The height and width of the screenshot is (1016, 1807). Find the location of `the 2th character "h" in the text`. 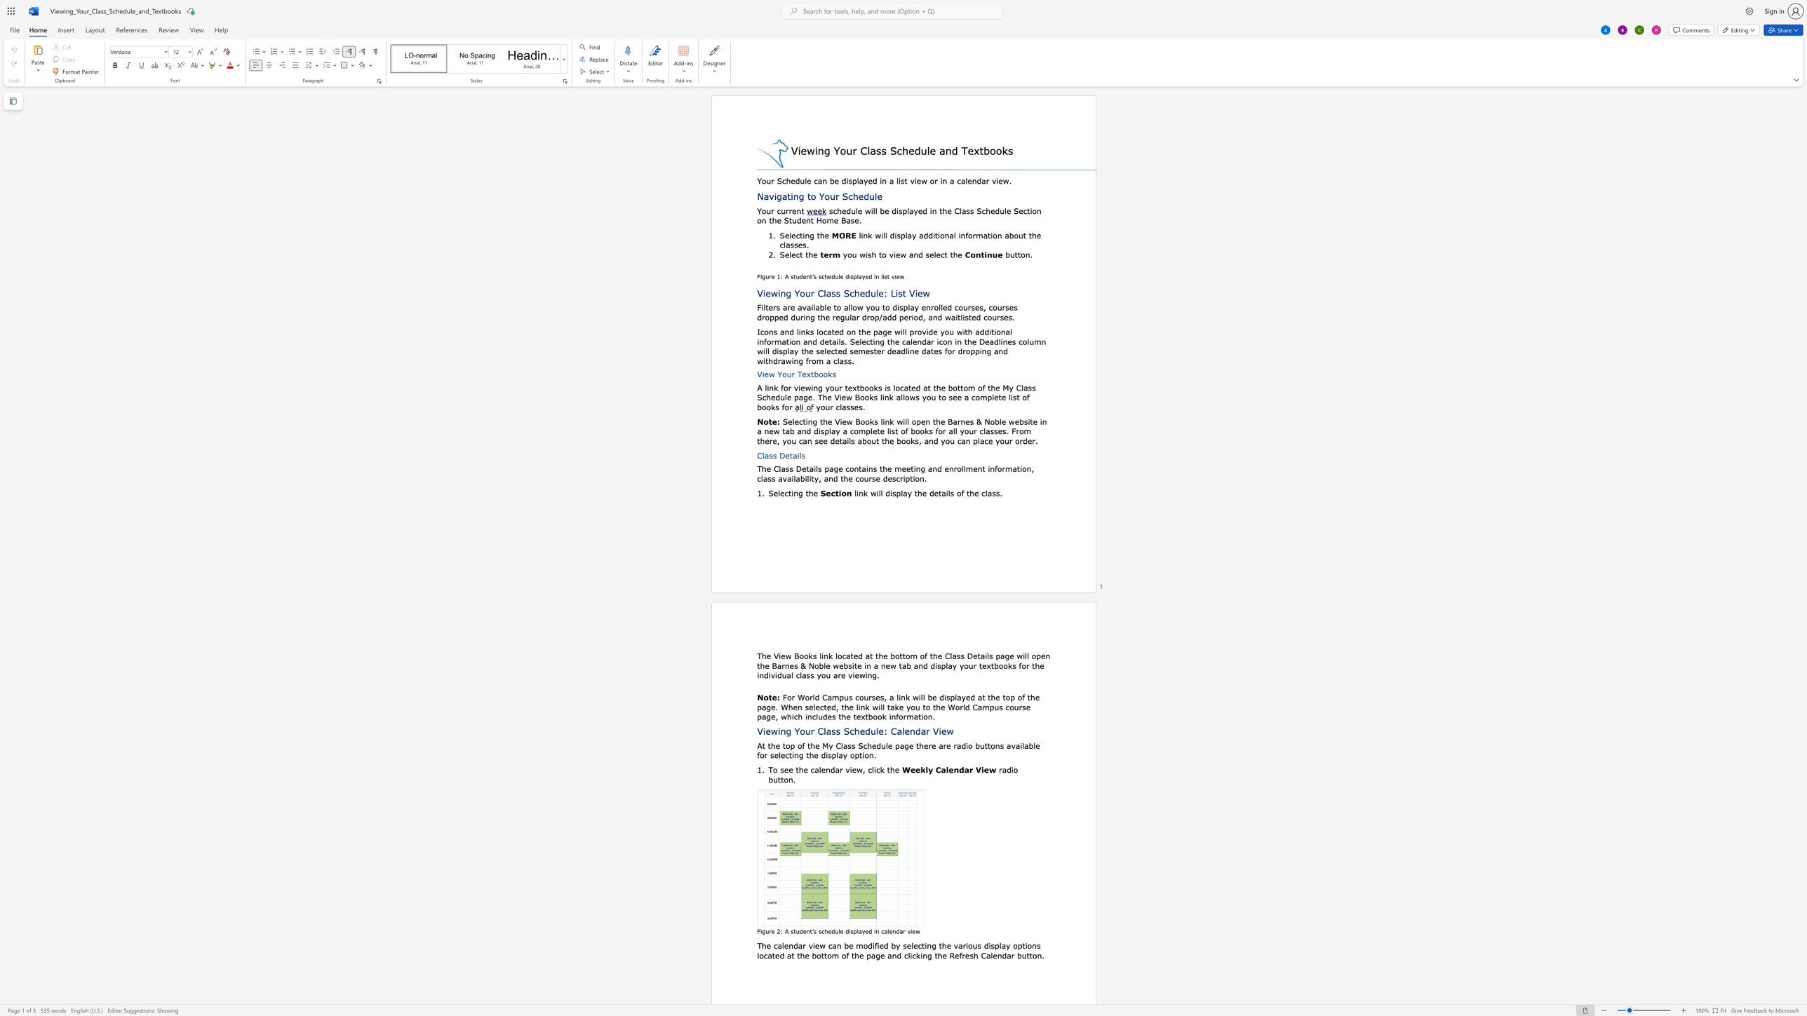

the 2th character "h" in the text is located at coordinates (892, 769).